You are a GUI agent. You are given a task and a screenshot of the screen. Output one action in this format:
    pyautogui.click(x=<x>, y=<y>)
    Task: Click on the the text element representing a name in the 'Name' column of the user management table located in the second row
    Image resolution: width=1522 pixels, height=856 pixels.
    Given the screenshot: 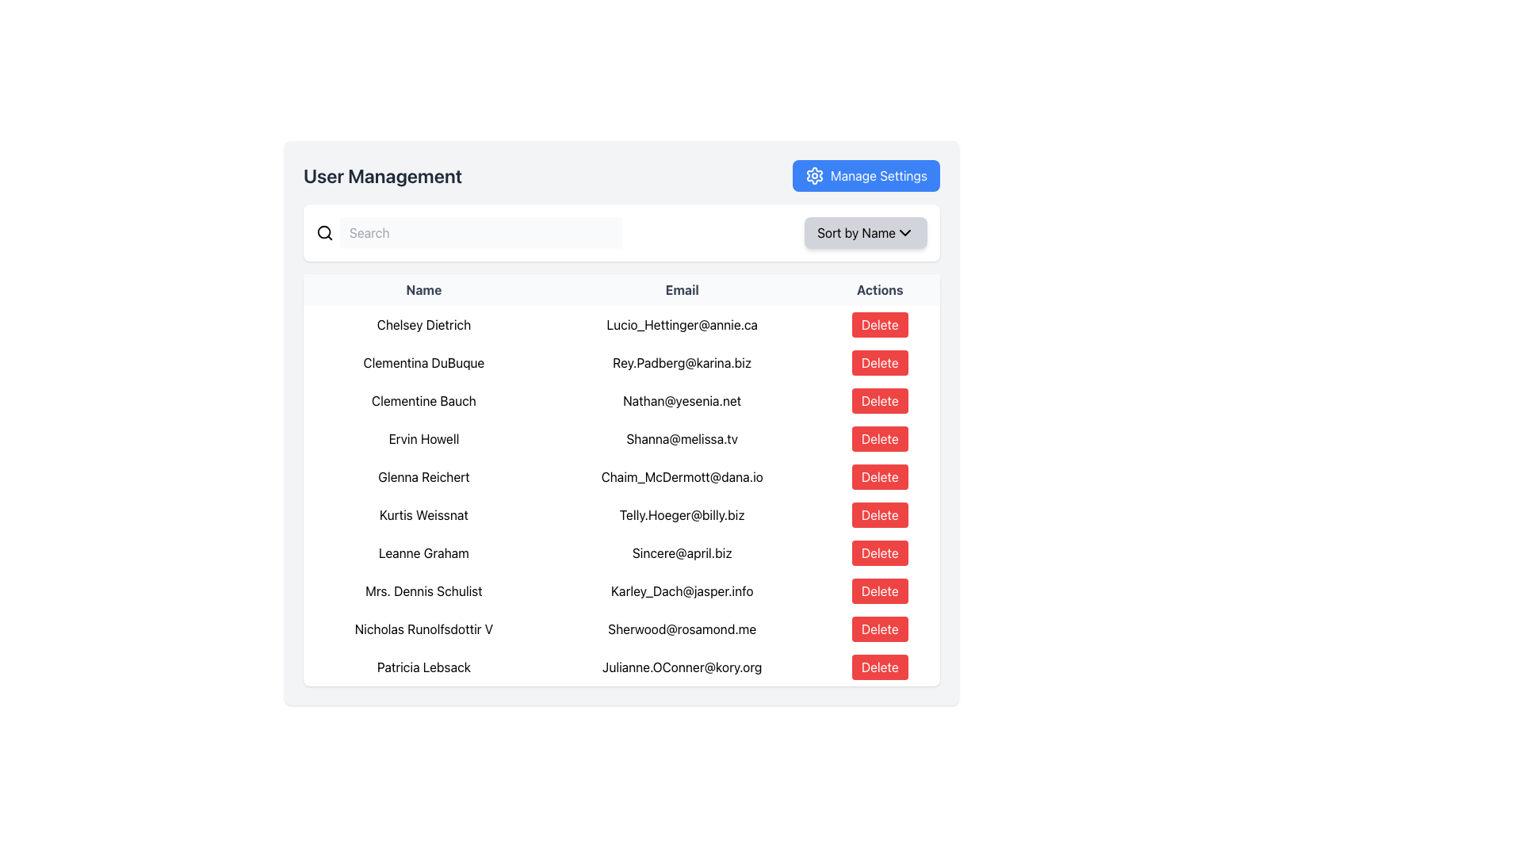 What is the action you would take?
    pyautogui.click(x=423, y=323)
    